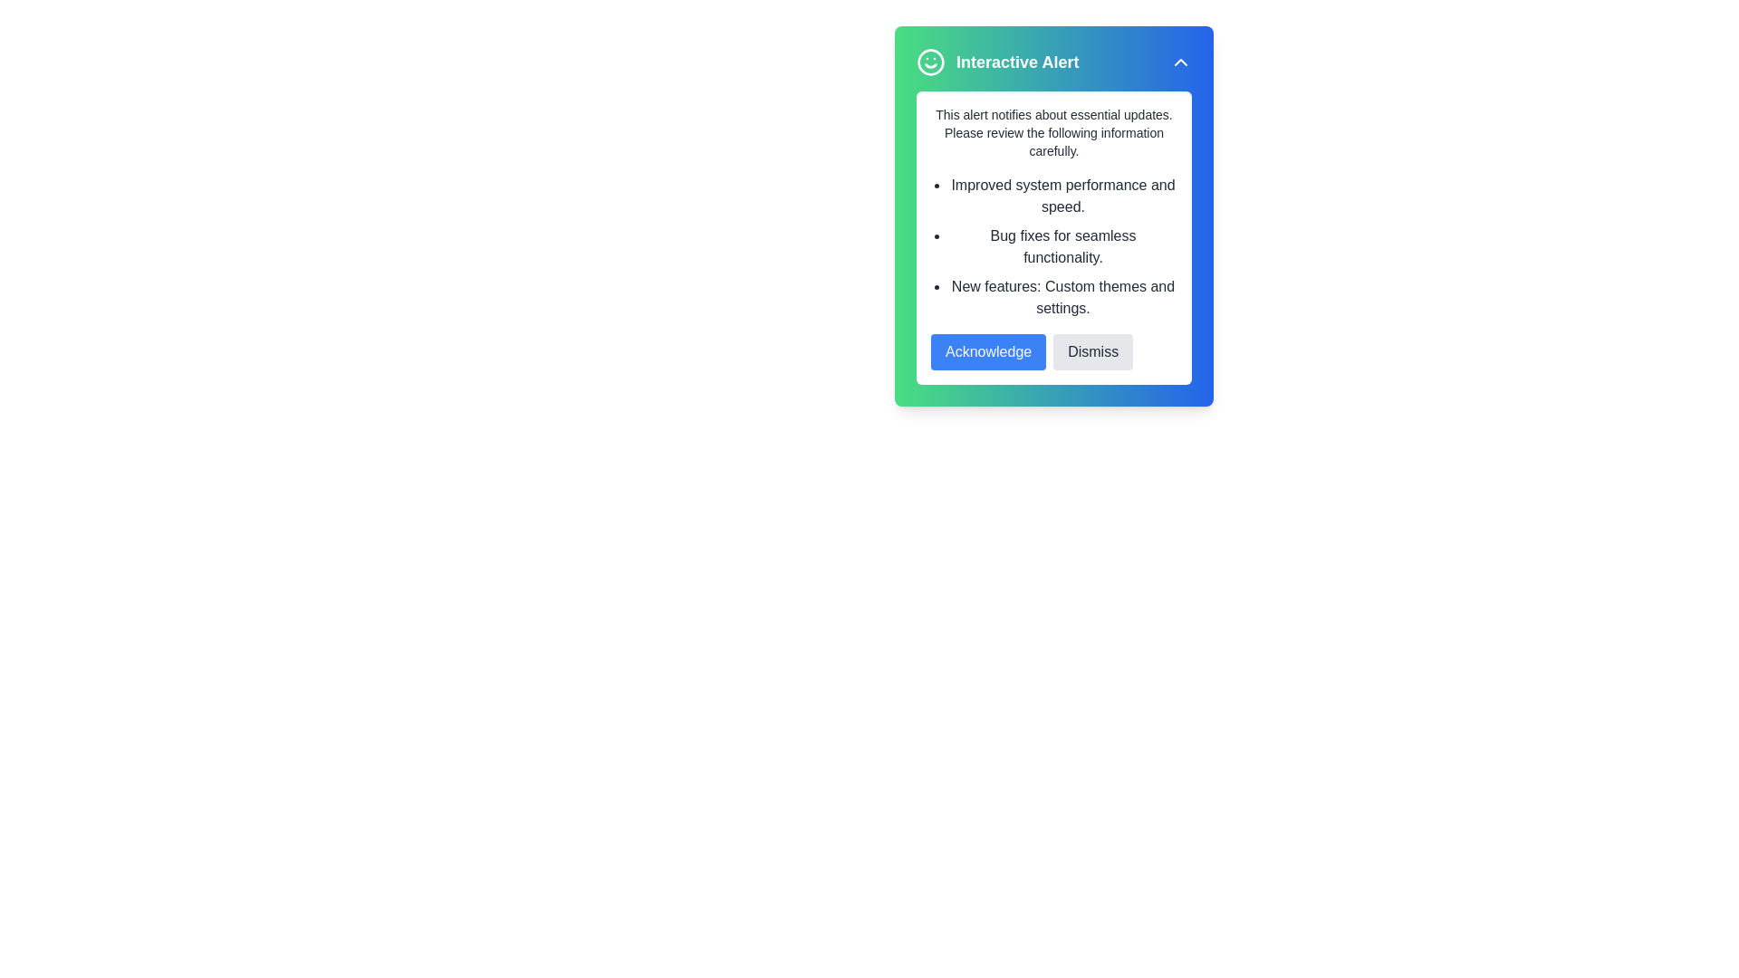 The width and height of the screenshot is (1739, 978). Describe the element at coordinates (1092, 352) in the screenshot. I see `the interactive button labeled Dismiss` at that location.